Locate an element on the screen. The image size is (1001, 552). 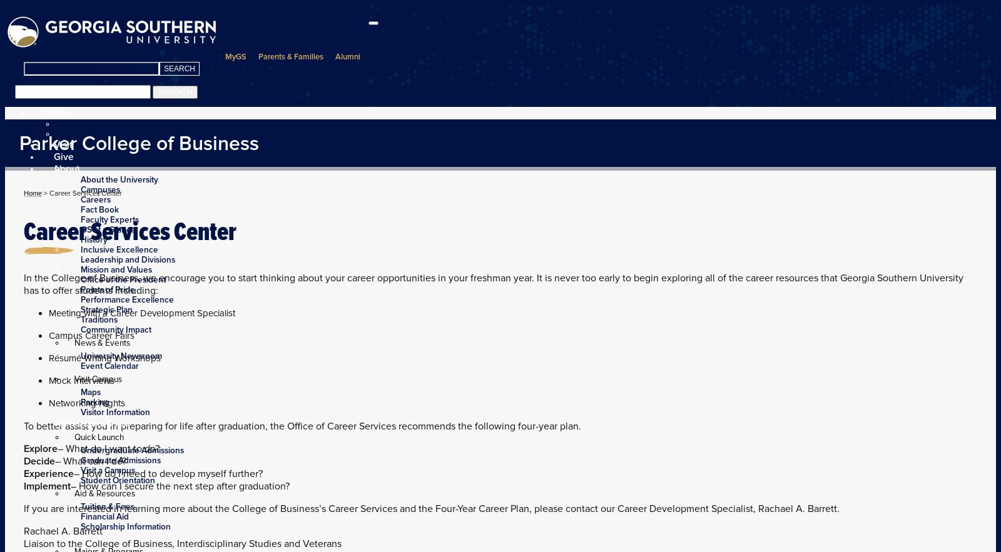
'Rachael A. Barrett' is located at coordinates (62, 531).